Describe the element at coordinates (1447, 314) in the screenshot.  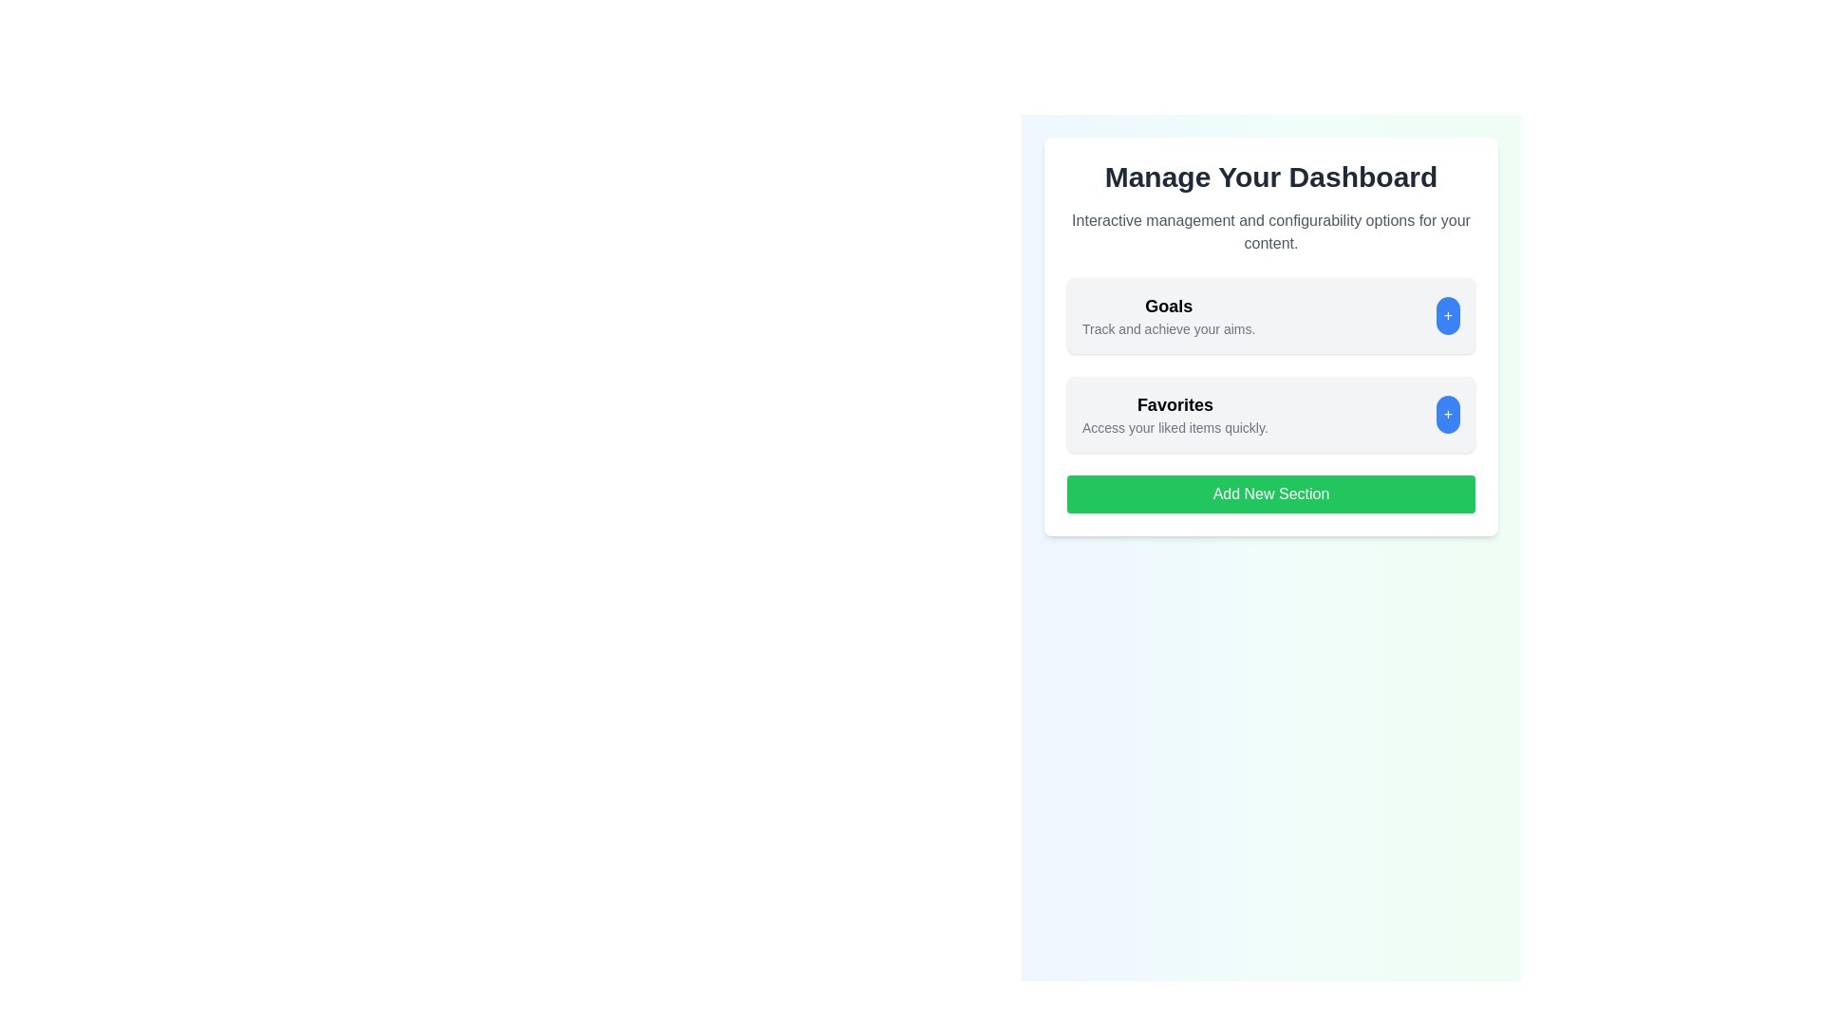
I see `the circular blue button with a white '+' symbol at its center` at that location.